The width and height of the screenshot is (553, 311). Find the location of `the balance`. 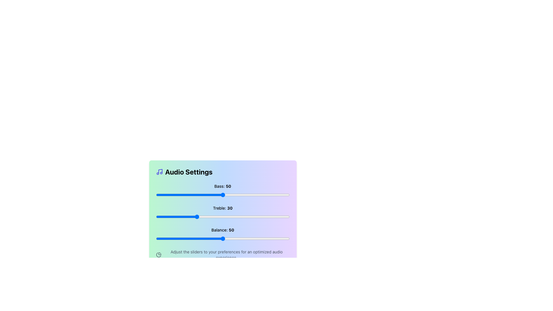

the balance is located at coordinates (276, 239).